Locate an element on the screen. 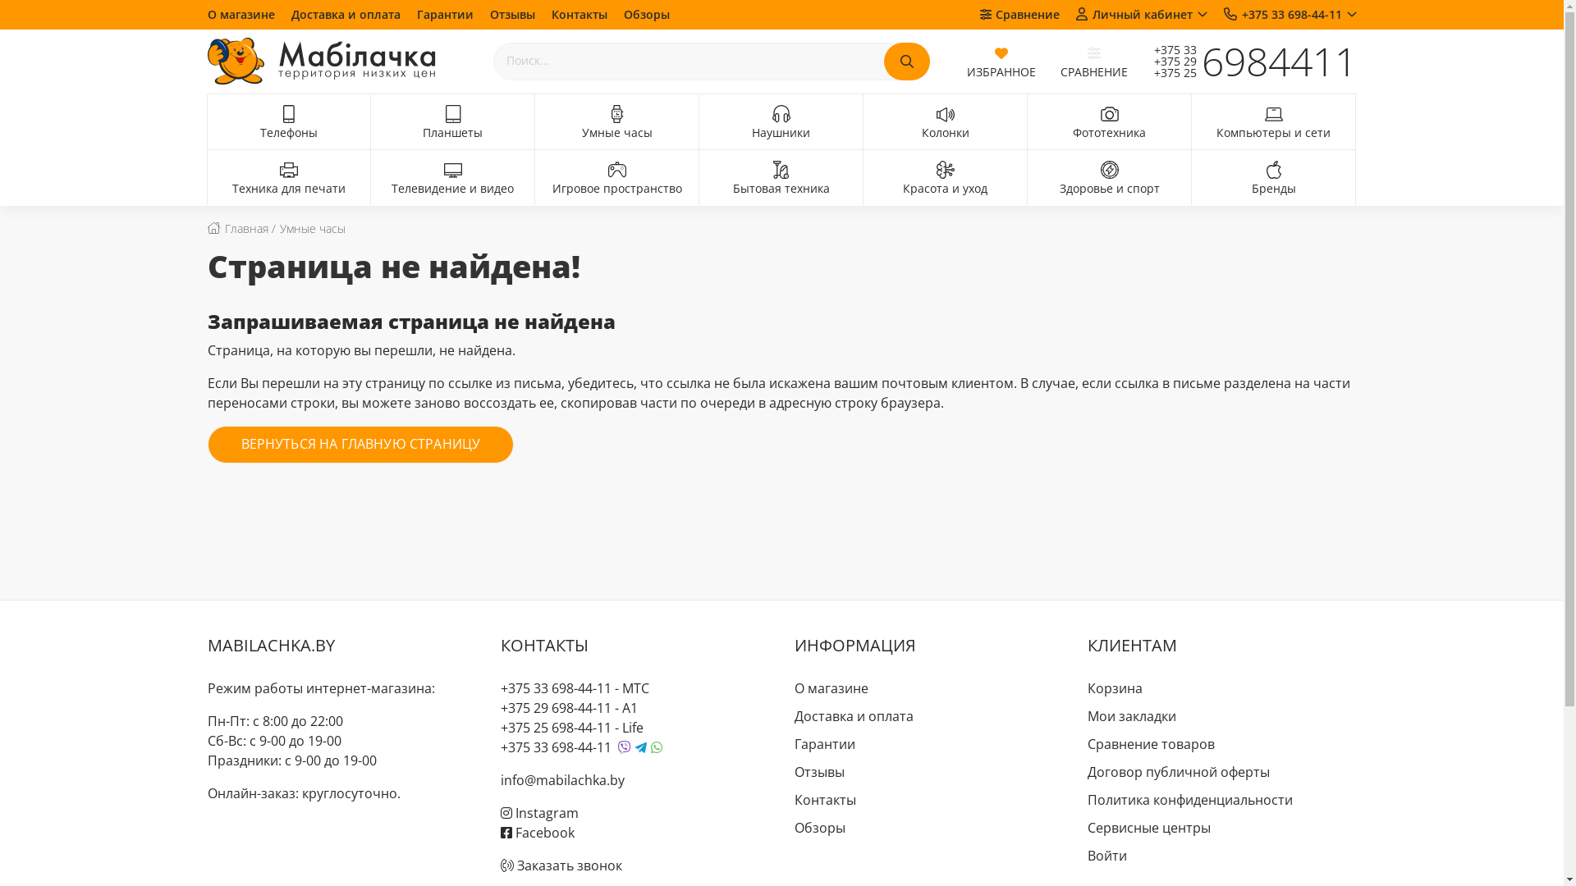 The width and height of the screenshot is (1576, 886). '+375 33 698-44-11' is located at coordinates (556, 688).